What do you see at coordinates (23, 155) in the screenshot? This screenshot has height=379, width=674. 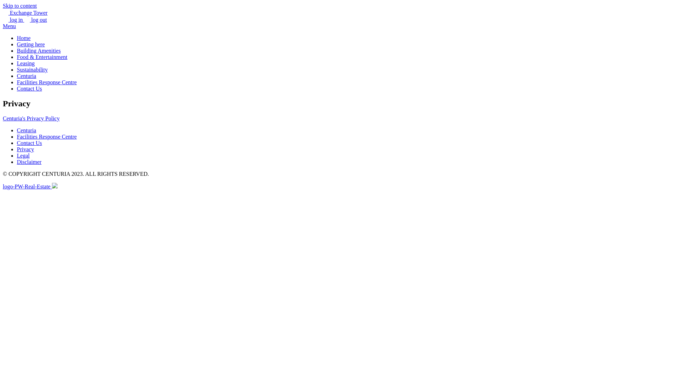 I see `'Legal'` at bounding box center [23, 155].